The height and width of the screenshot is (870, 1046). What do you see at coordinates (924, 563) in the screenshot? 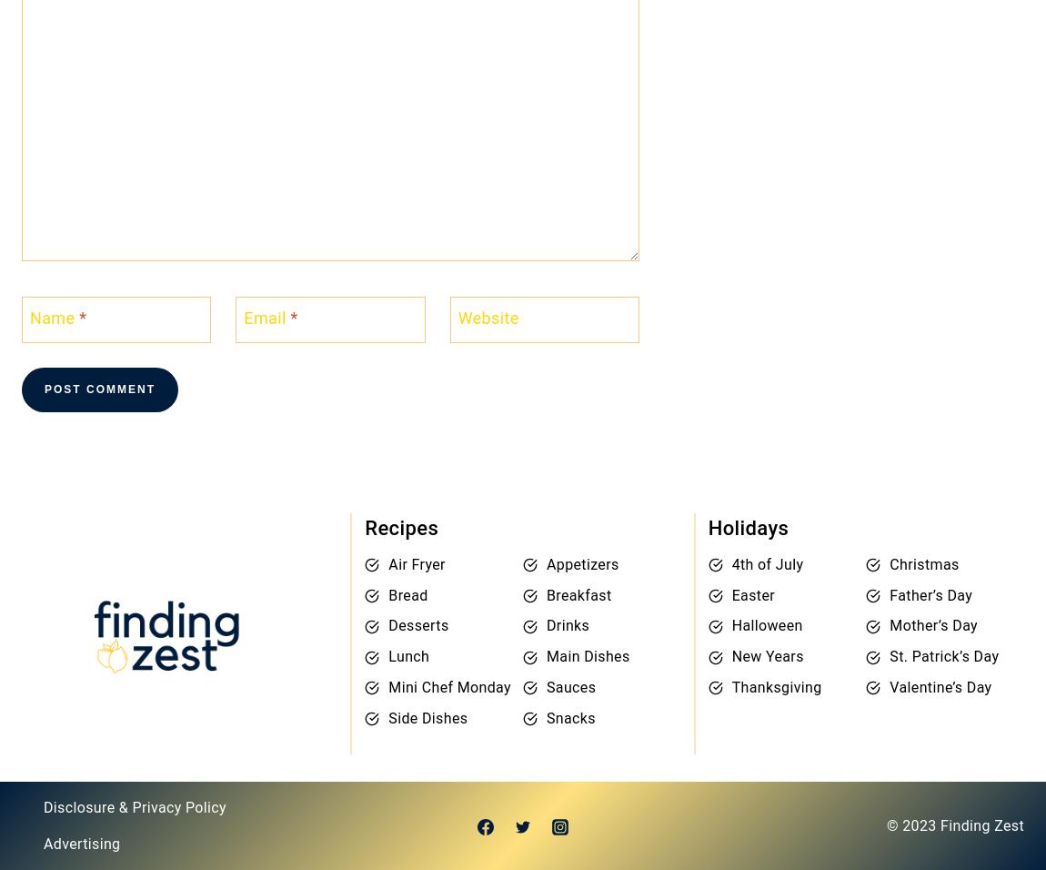
I see `'Christmas'` at bounding box center [924, 563].